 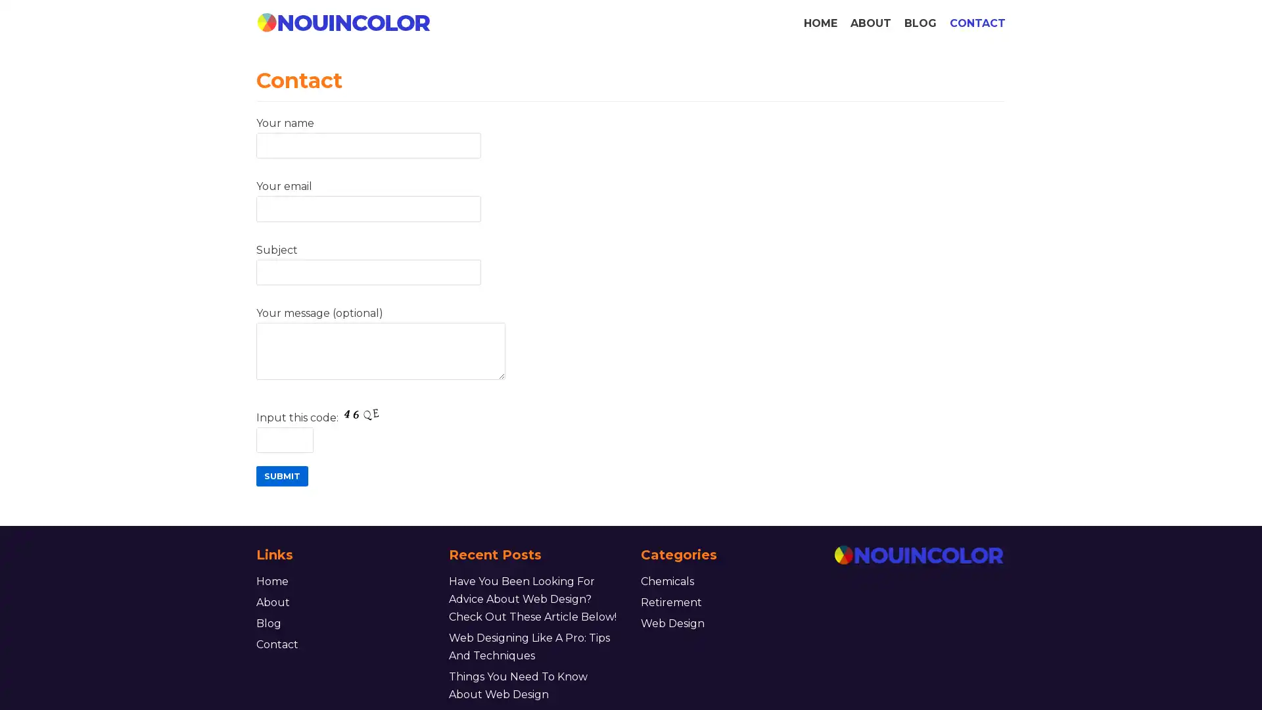 I want to click on Submit, so click(x=281, y=476).